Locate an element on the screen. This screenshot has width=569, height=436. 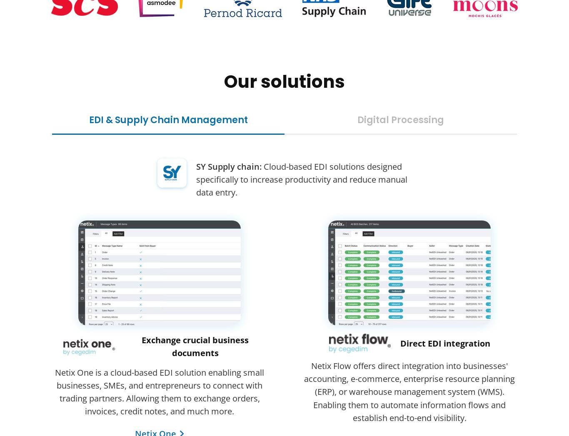
'What business document can I send via EDI?' is located at coordinates (142, 363).